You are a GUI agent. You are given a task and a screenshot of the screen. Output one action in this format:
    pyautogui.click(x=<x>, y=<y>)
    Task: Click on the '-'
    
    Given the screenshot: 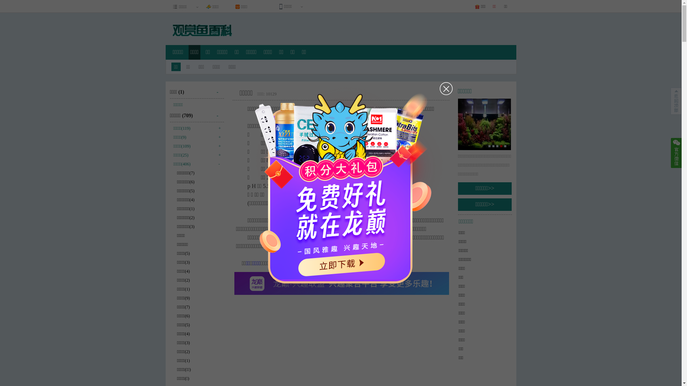 What is the action you would take?
    pyautogui.click(x=220, y=89)
    